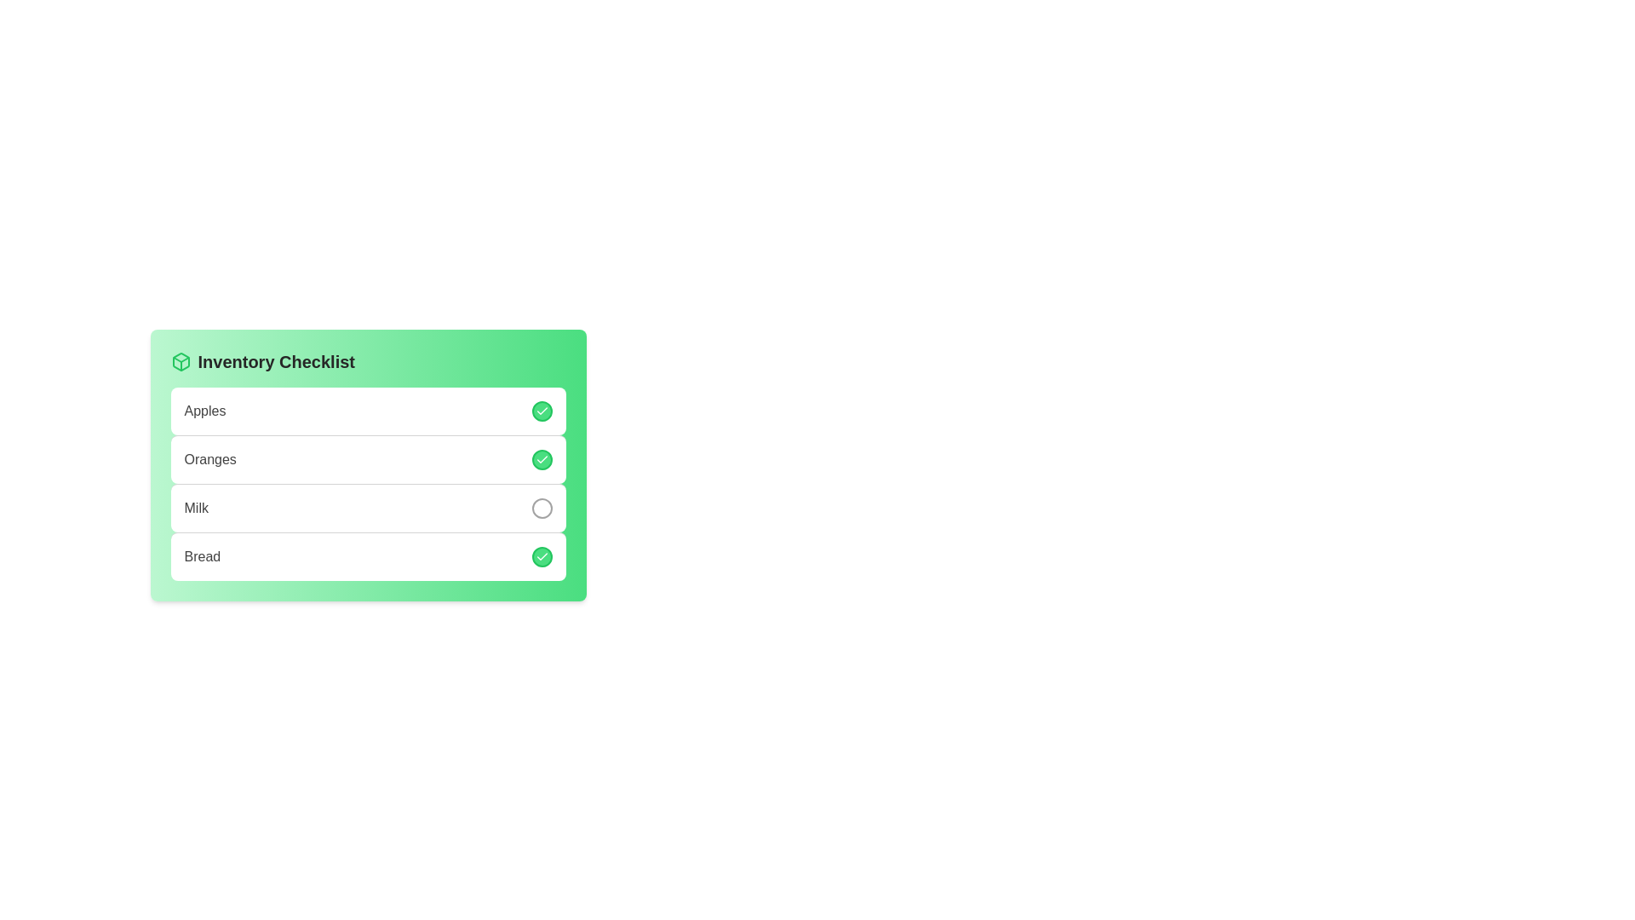 This screenshot has width=1635, height=920. Describe the element at coordinates (209, 460) in the screenshot. I see `the text label 'Oranges' in the 'Inventory Checklist' section, which is the second item in the list, located below 'Apples' and above 'Milk'` at that location.